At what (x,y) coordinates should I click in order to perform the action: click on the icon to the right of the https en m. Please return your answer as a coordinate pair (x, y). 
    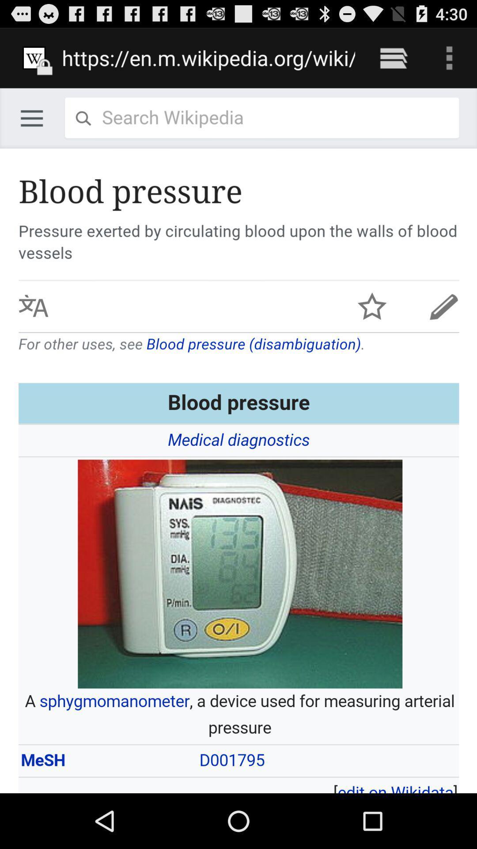
    Looking at the image, I should click on (393, 57).